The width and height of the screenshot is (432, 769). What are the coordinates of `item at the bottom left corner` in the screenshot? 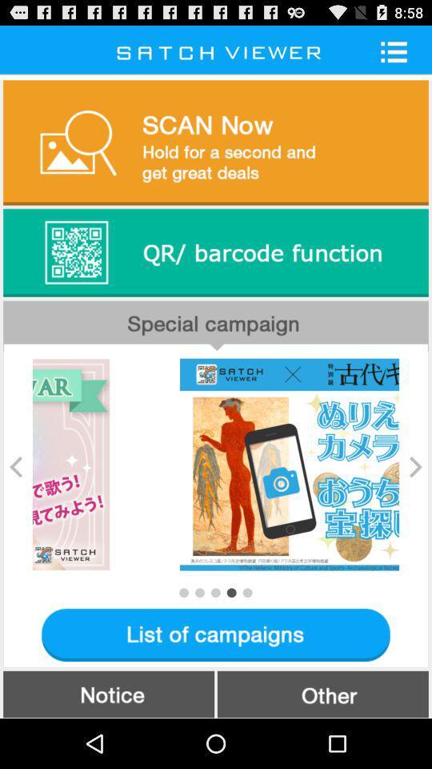 It's located at (108, 693).